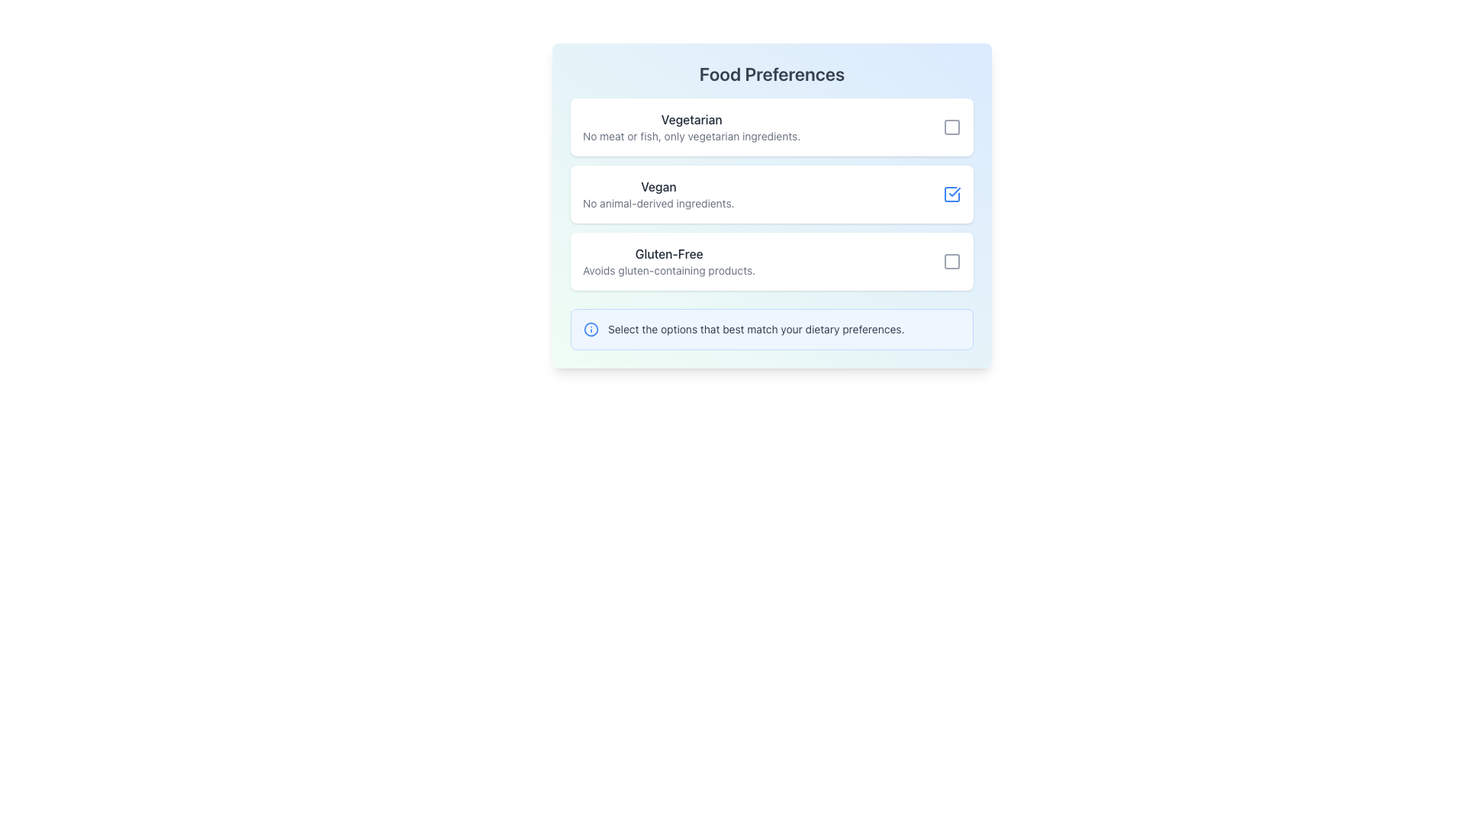 The height and width of the screenshot is (824, 1465). I want to click on the blue circular graphic component of the icon located to the left of the instructional text block at the bottom of the preference selection card, so click(590, 329).